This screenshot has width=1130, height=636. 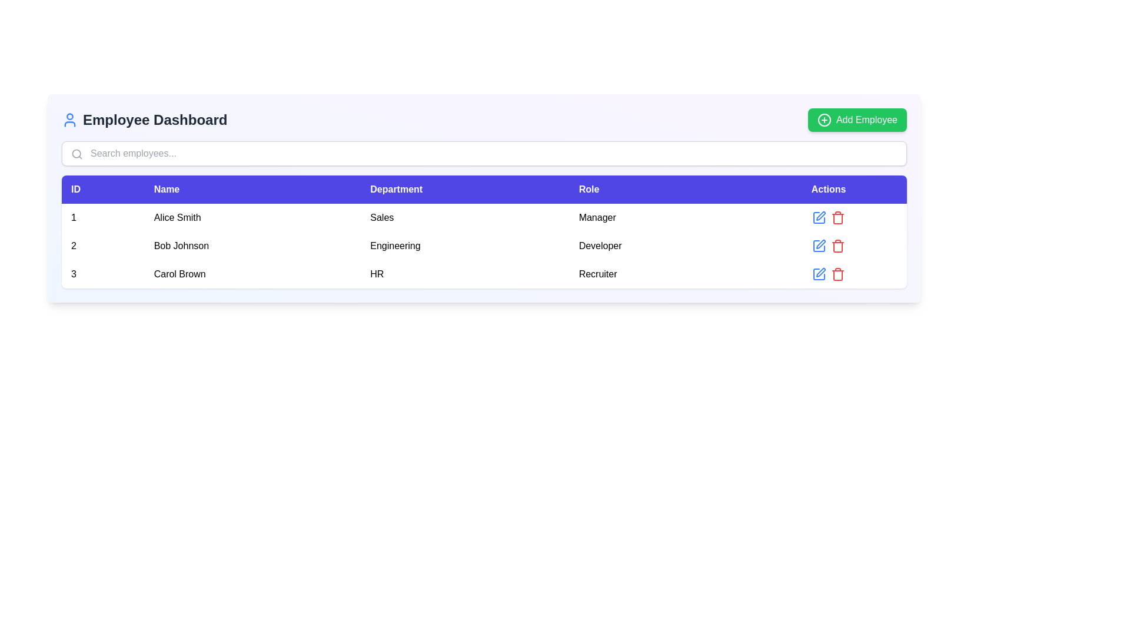 What do you see at coordinates (76, 154) in the screenshot?
I see `the small circular magnifying glass icon with a gray stroke, which is located on the left side of the search bar input field` at bounding box center [76, 154].